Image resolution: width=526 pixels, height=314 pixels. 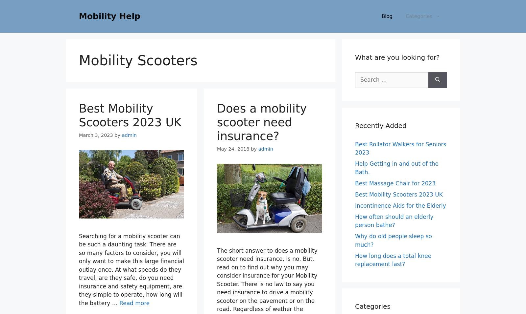 What do you see at coordinates (381, 125) in the screenshot?
I see `'Recently Added'` at bounding box center [381, 125].